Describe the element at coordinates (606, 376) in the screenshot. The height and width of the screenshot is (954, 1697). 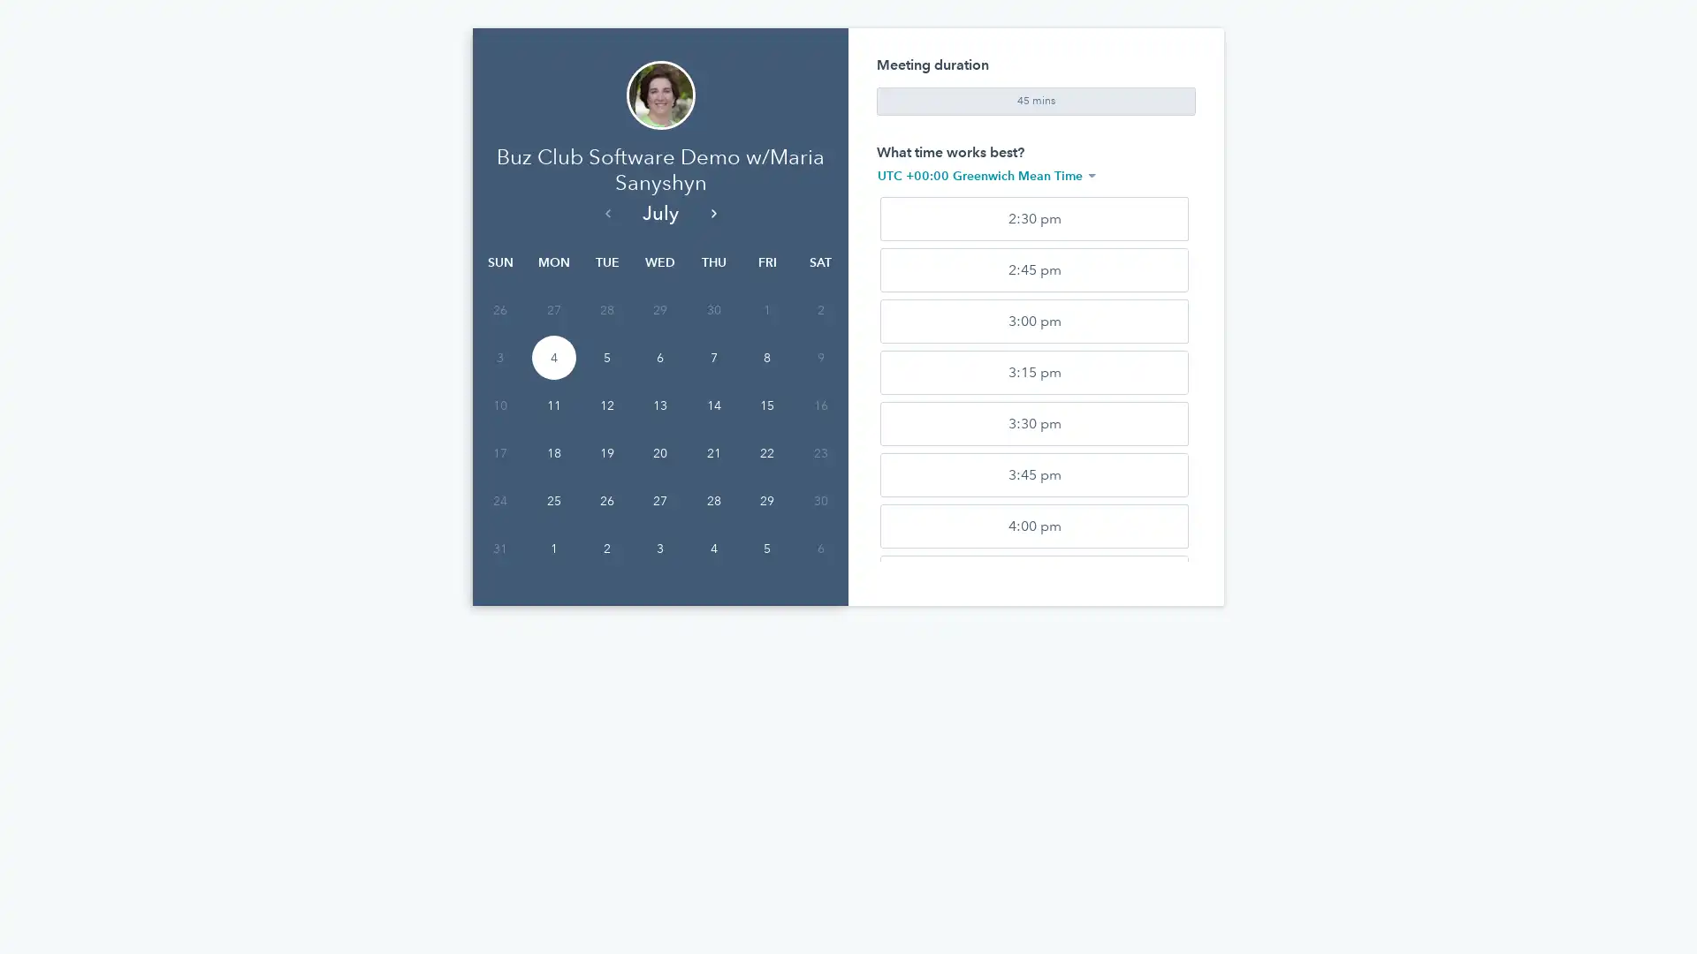
I see `June 28th` at that location.